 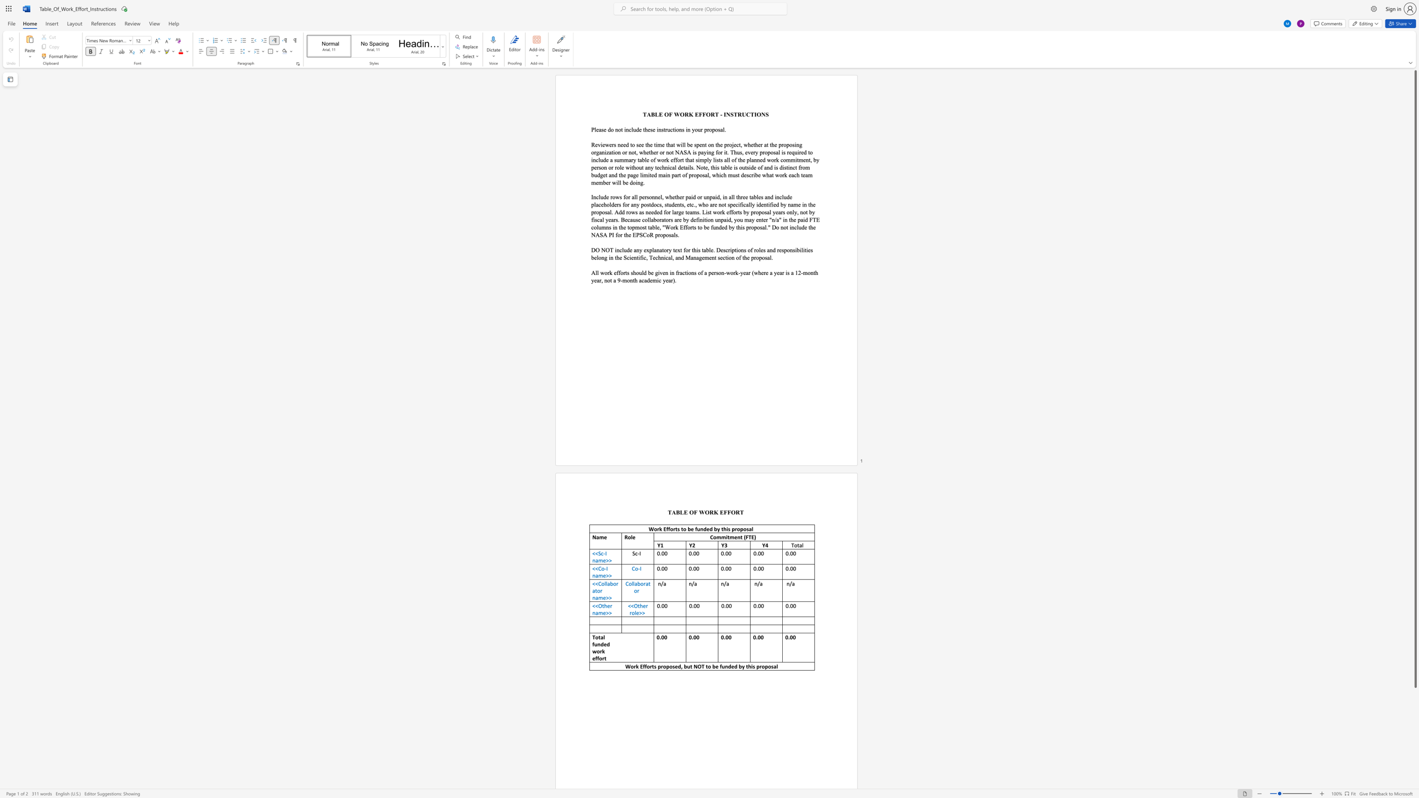 What do you see at coordinates (1415, 775) in the screenshot?
I see `the scrollbar to adjust the page downward` at bounding box center [1415, 775].